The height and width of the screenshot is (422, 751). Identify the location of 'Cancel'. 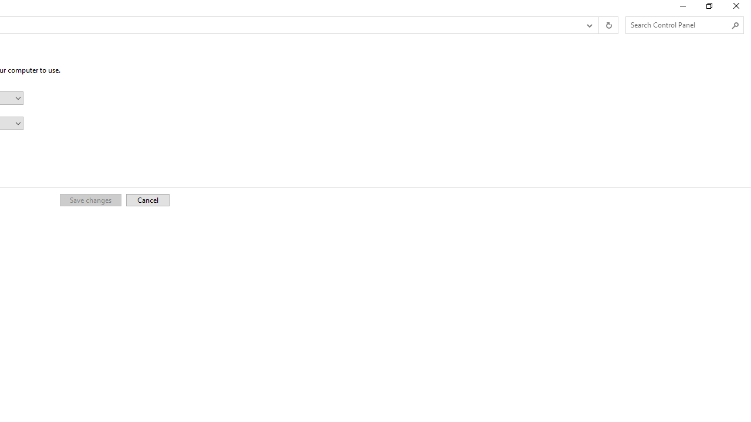
(147, 199).